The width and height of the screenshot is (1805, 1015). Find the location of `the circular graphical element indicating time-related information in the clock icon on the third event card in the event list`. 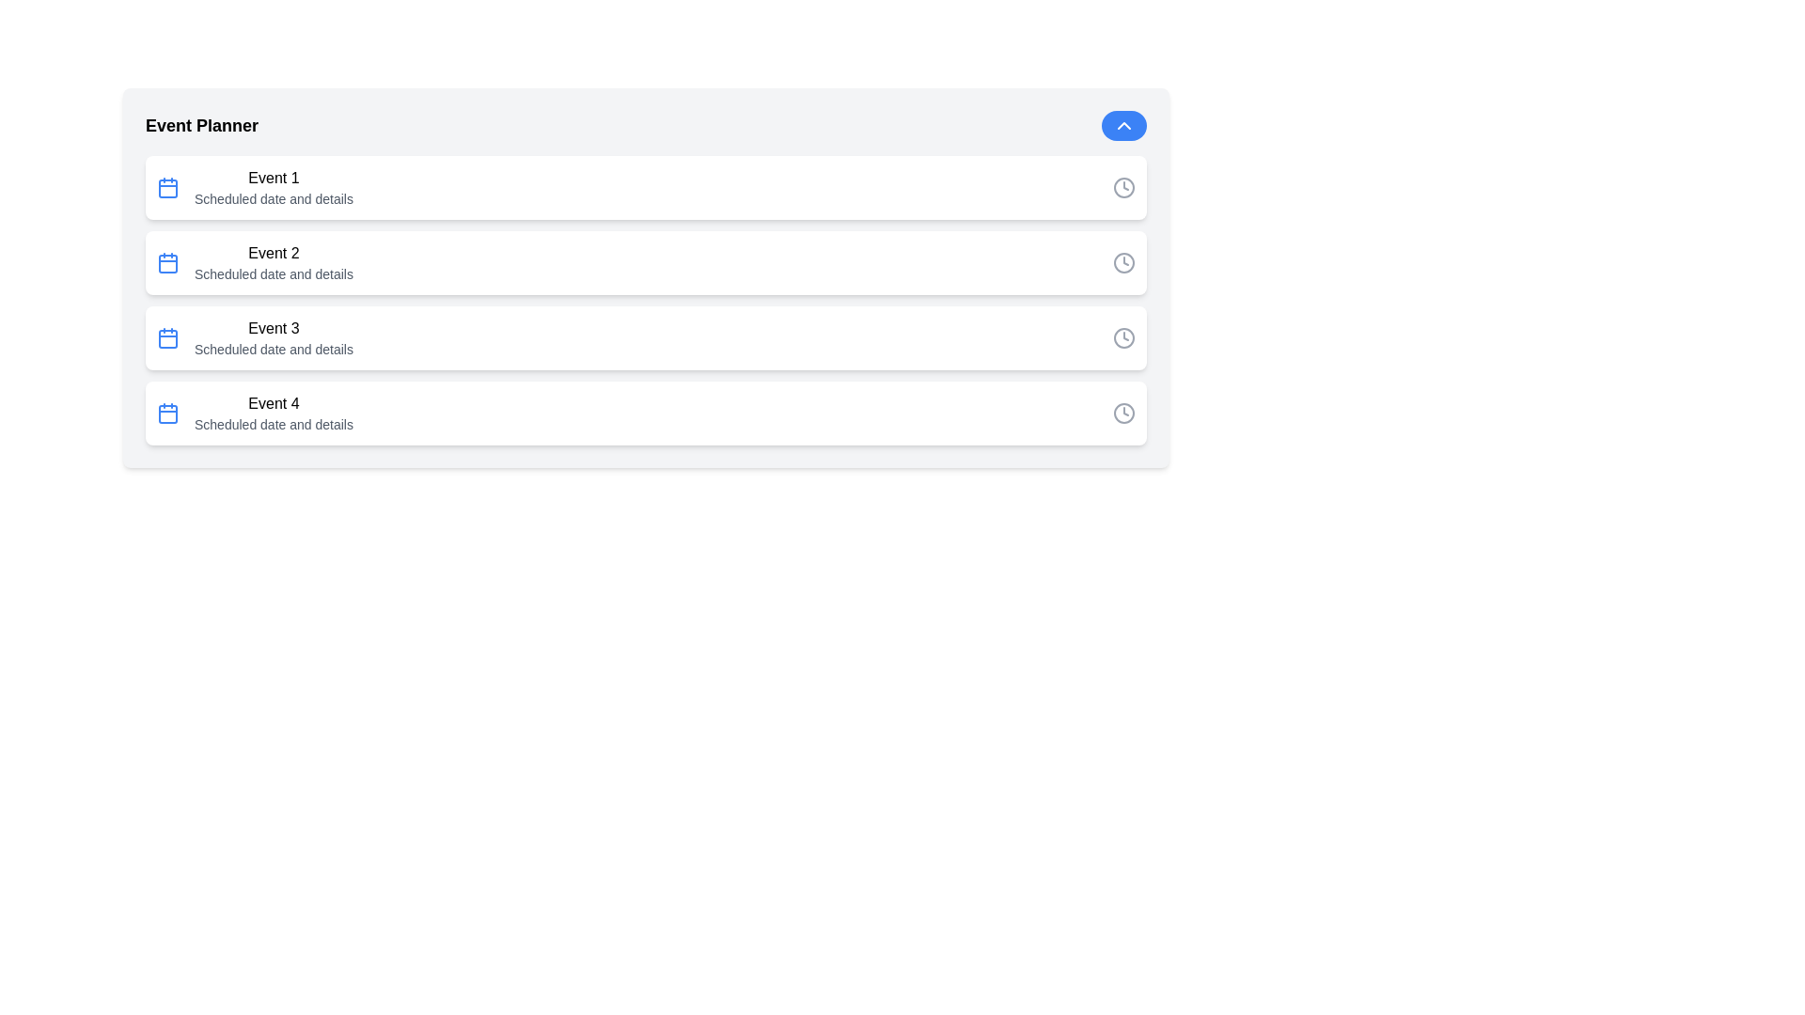

the circular graphical element indicating time-related information in the clock icon on the third event card in the event list is located at coordinates (1123, 336).